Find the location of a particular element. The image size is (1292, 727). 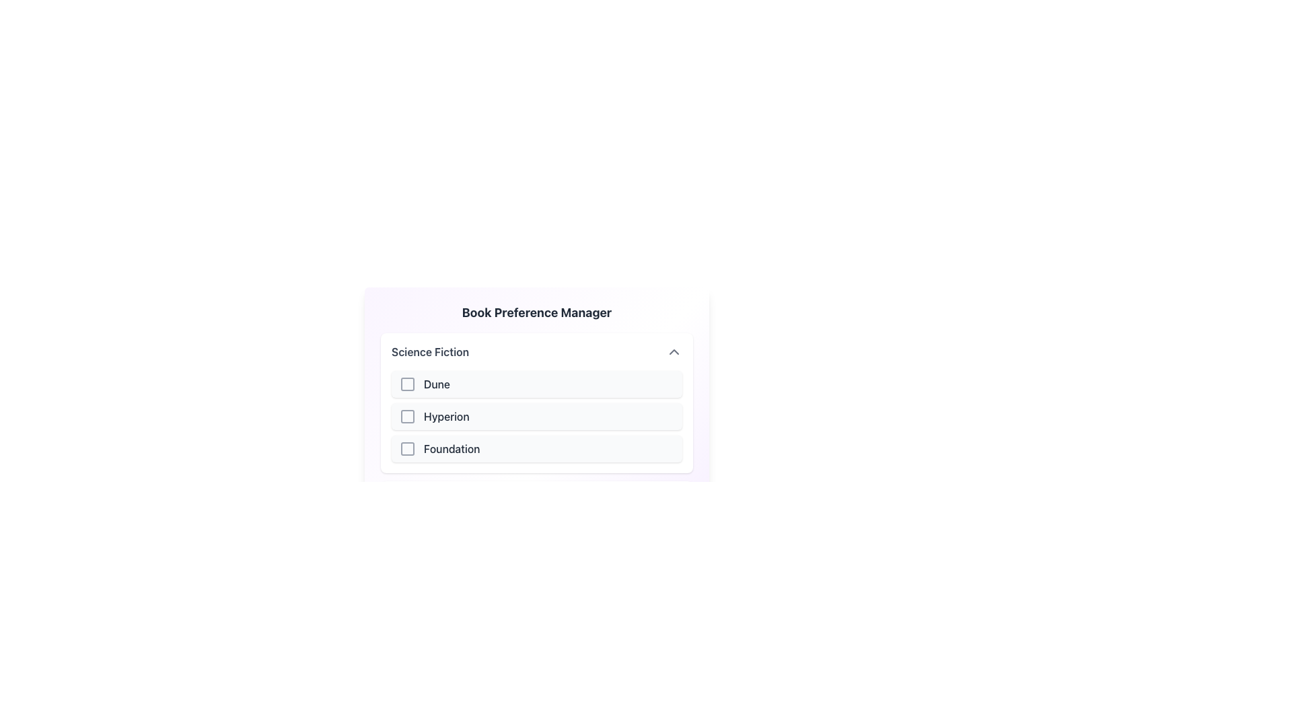

the gray rounded square checkbox located next to the 'Foundation' label in the 'Science Fiction' list is located at coordinates (406, 449).